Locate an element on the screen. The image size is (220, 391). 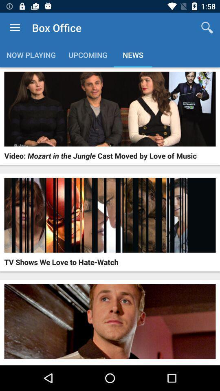
the app to the right of box office icon is located at coordinates (207, 28).